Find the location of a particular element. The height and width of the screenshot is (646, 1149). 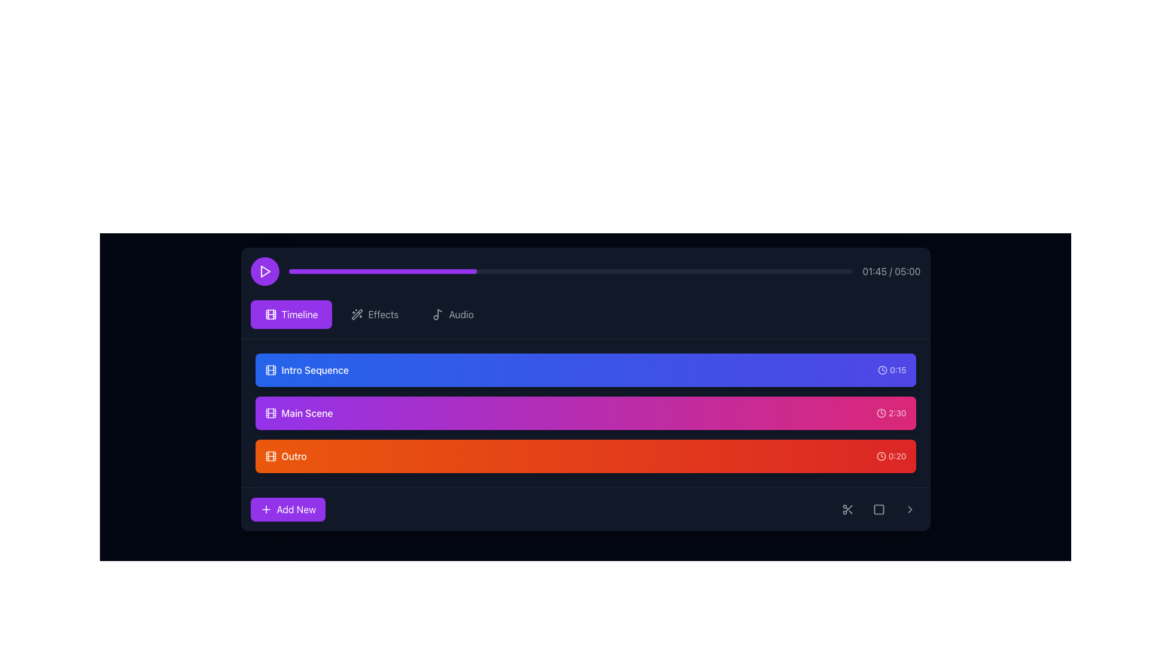

the plus icon within the 'Add New' button located at the bottom-left corner of the interface is located at coordinates (265, 510).